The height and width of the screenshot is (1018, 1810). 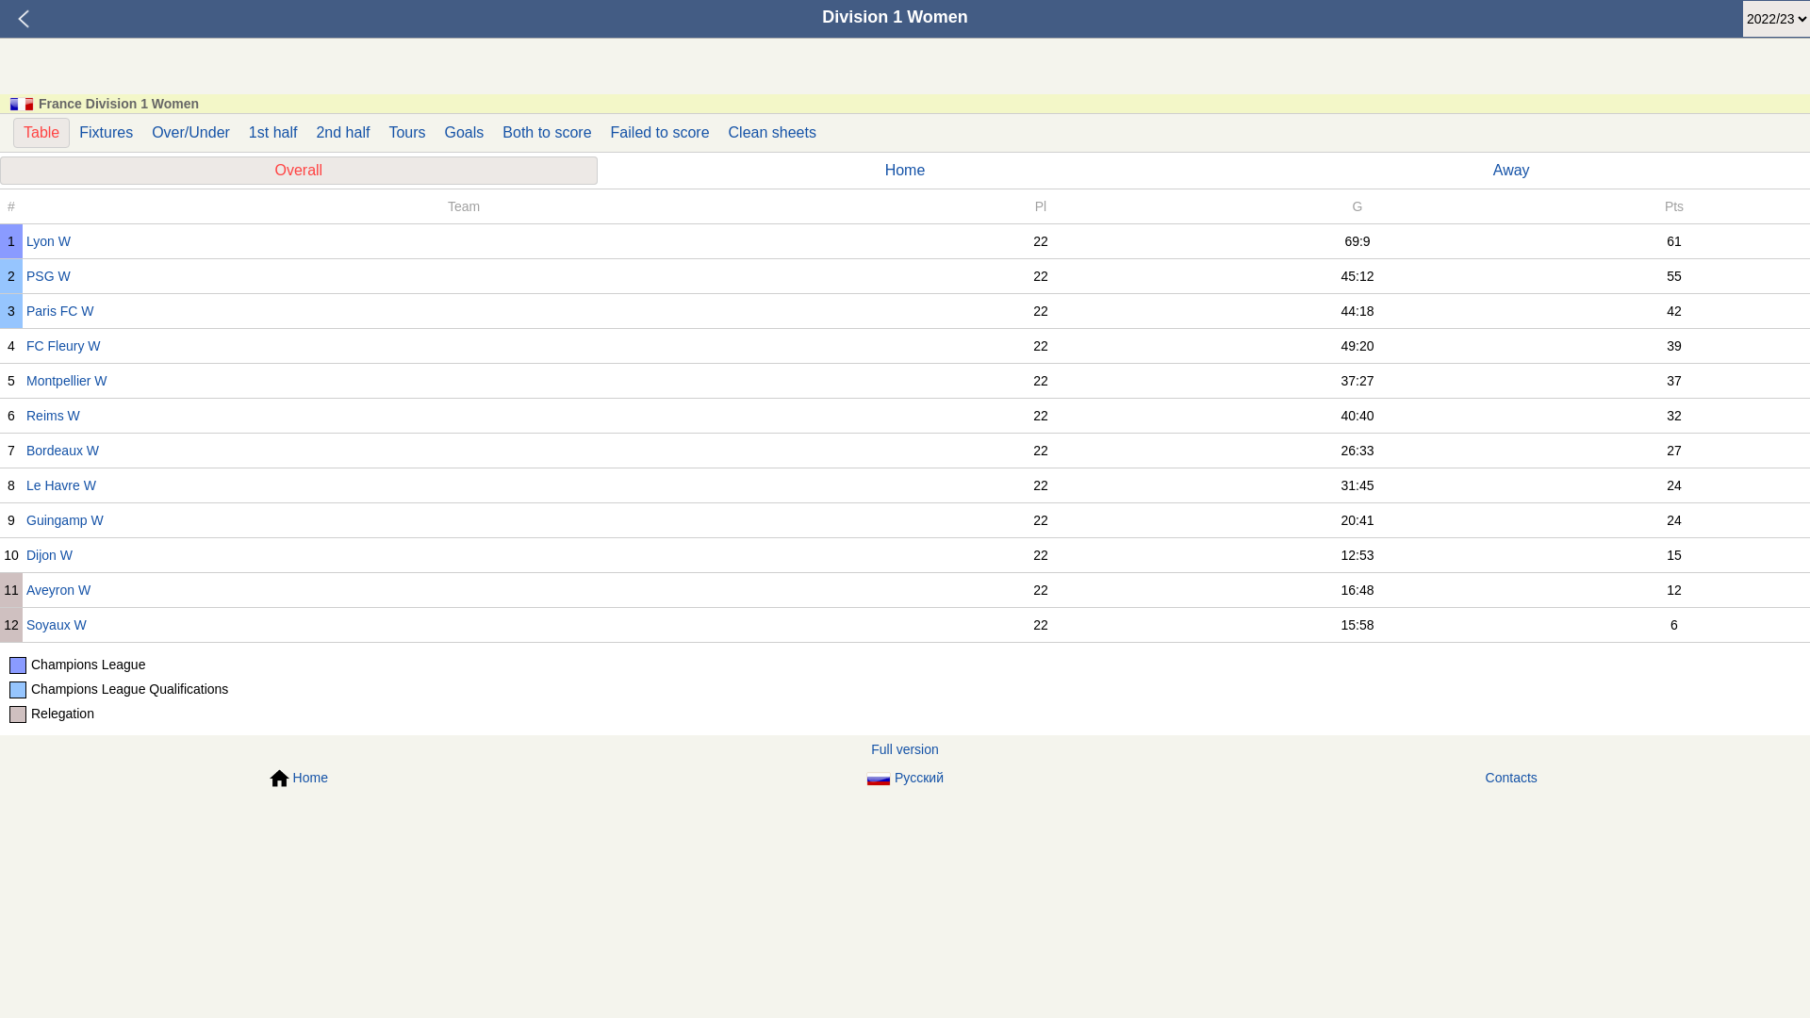 I want to click on 'Dijon W', so click(x=26, y=554).